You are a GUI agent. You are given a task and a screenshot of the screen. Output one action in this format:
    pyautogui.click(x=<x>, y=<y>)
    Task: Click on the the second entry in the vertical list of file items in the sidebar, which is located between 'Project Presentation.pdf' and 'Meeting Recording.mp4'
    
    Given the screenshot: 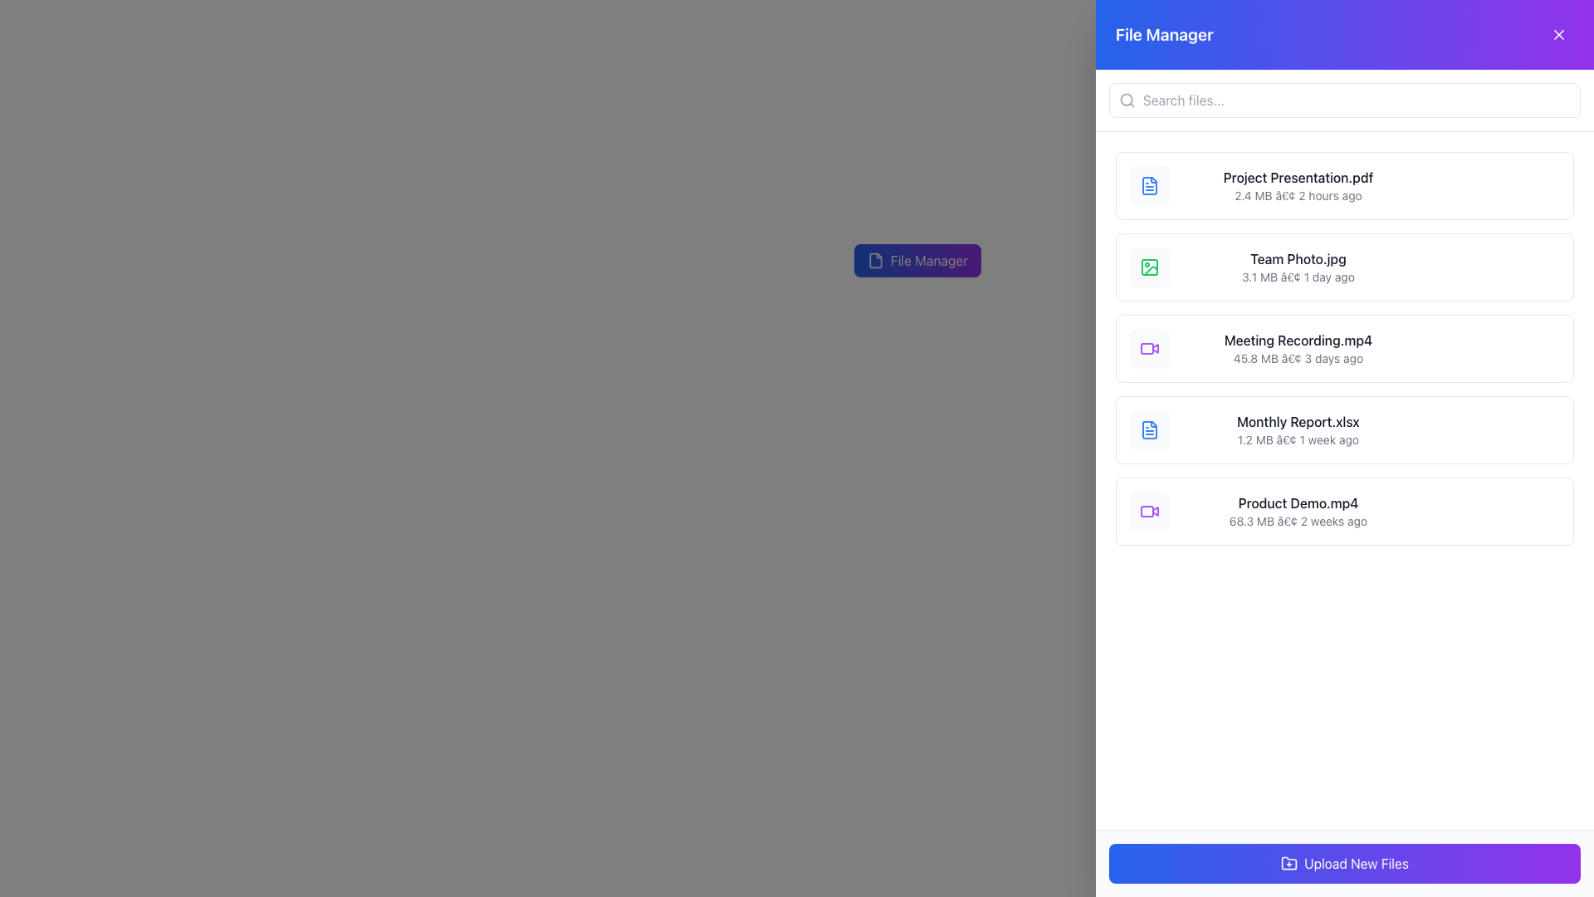 What is the action you would take?
    pyautogui.click(x=1298, y=266)
    